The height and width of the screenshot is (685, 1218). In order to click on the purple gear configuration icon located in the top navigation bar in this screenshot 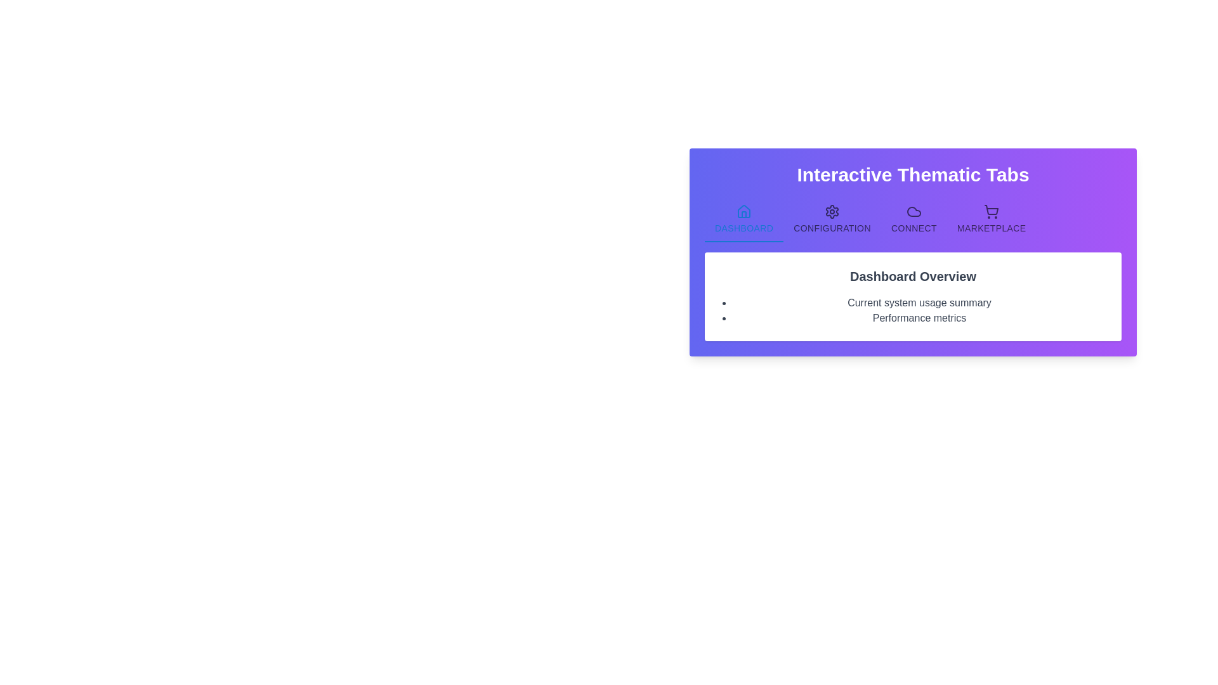, I will do `click(832, 211)`.